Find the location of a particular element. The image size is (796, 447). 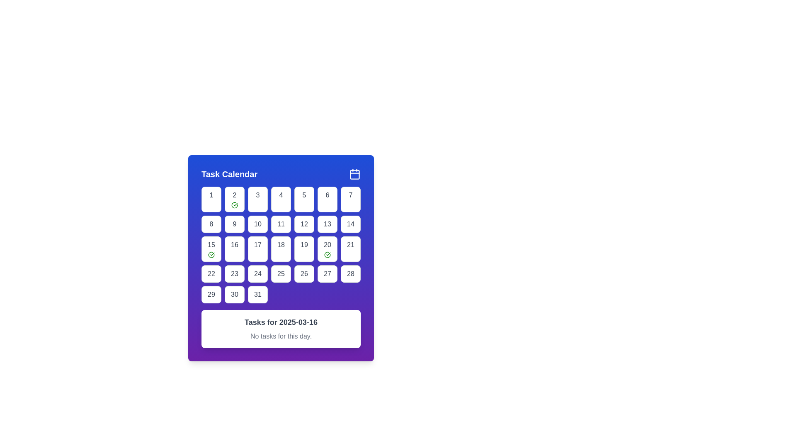

the Calendar date cell representing the 8th day of the month is located at coordinates (211, 224).